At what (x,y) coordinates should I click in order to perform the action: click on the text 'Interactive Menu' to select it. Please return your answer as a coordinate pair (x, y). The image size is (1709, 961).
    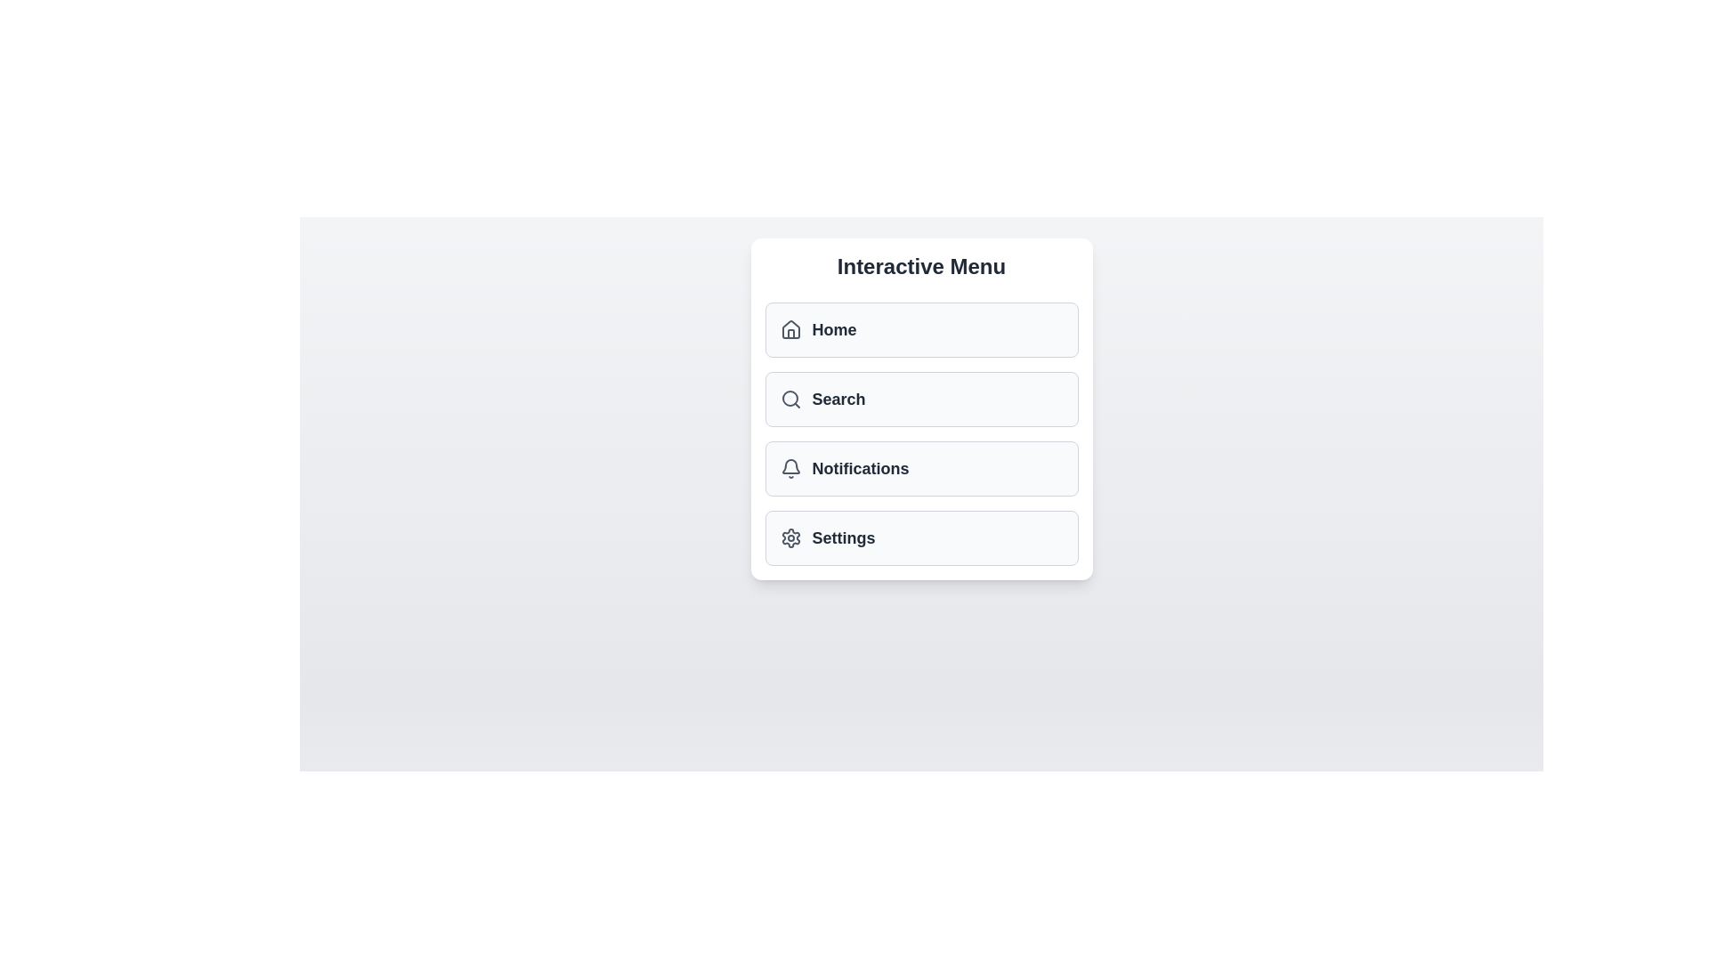
    Looking at the image, I should click on (921, 267).